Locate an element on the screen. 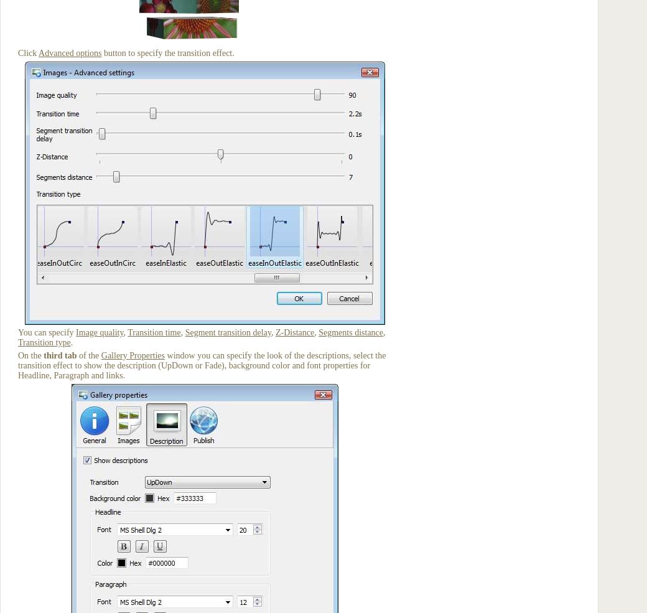 Image resolution: width=647 pixels, height=613 pixels. 'You can specify' is located at coordinates (46, 332).